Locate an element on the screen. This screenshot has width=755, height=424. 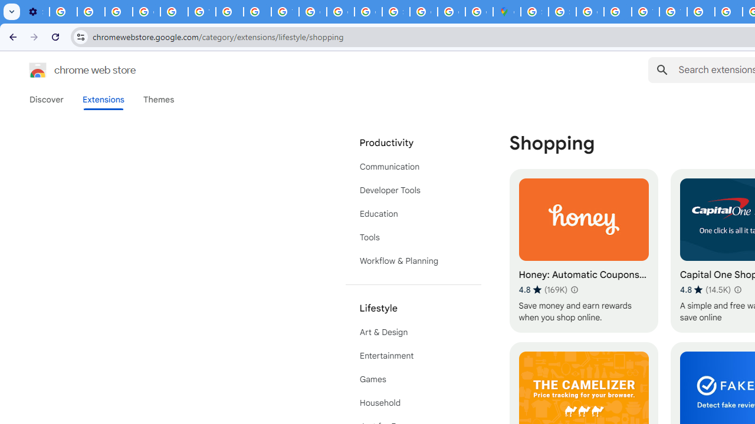
'Honey: Automatic Coupons & Rewards' is located at coordinates (583, 250).